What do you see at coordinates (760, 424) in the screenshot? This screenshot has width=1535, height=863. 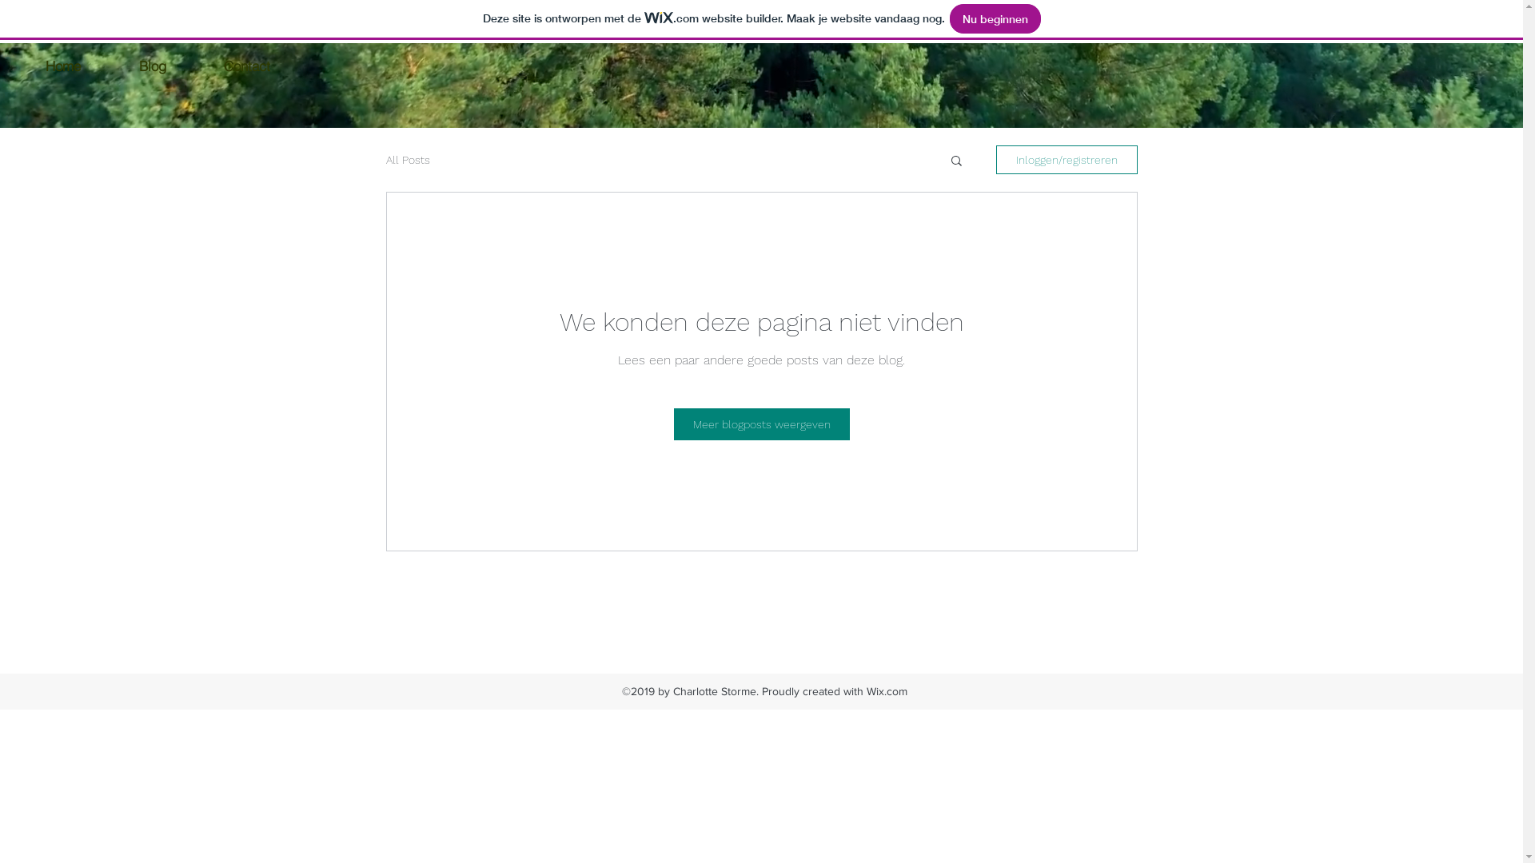 I see `'Meer blogposts weergeven'` at bounding box center [760, 424].